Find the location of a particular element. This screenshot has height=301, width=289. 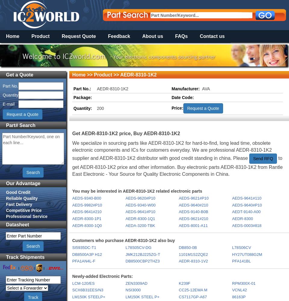

'Quantity:' is located at coordinates (73, 108).